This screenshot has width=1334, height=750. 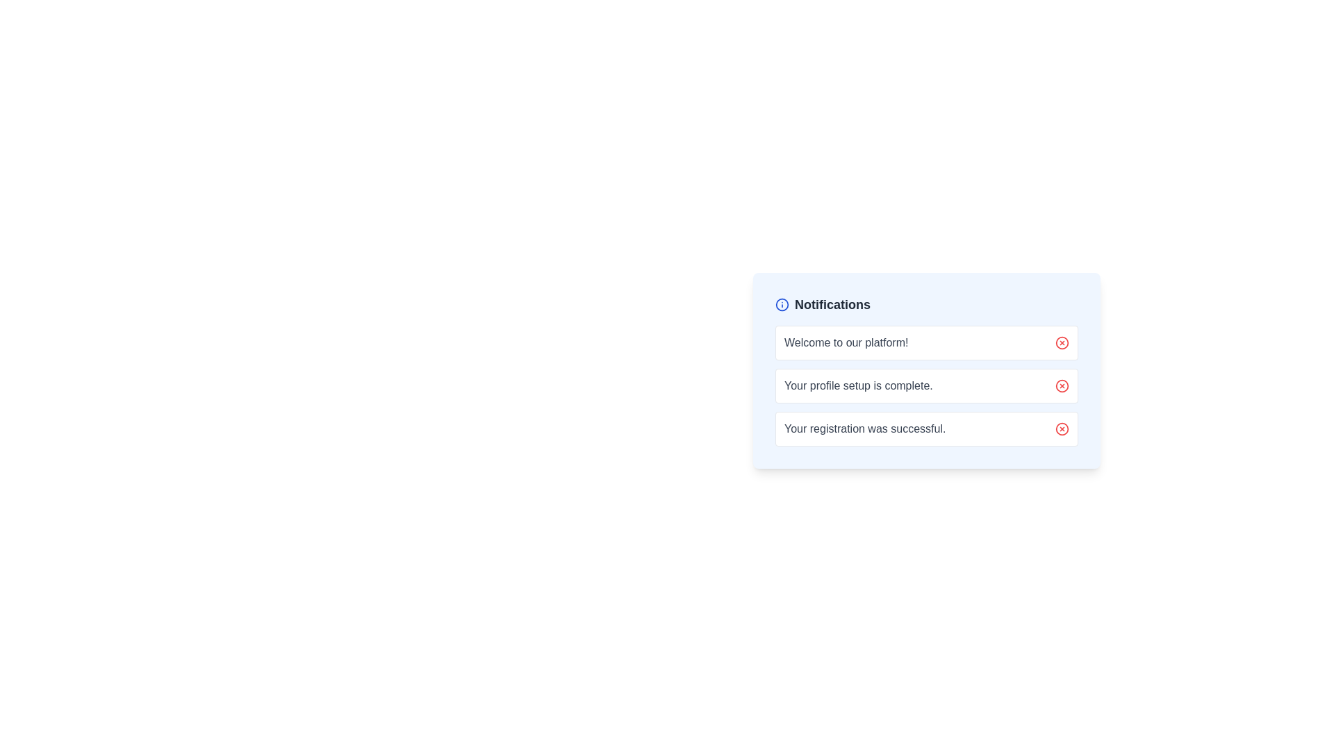 I want to click on the dismiss Icon button for the notification titled 'Your profile setup is complete', so click(x=1062, y=385).